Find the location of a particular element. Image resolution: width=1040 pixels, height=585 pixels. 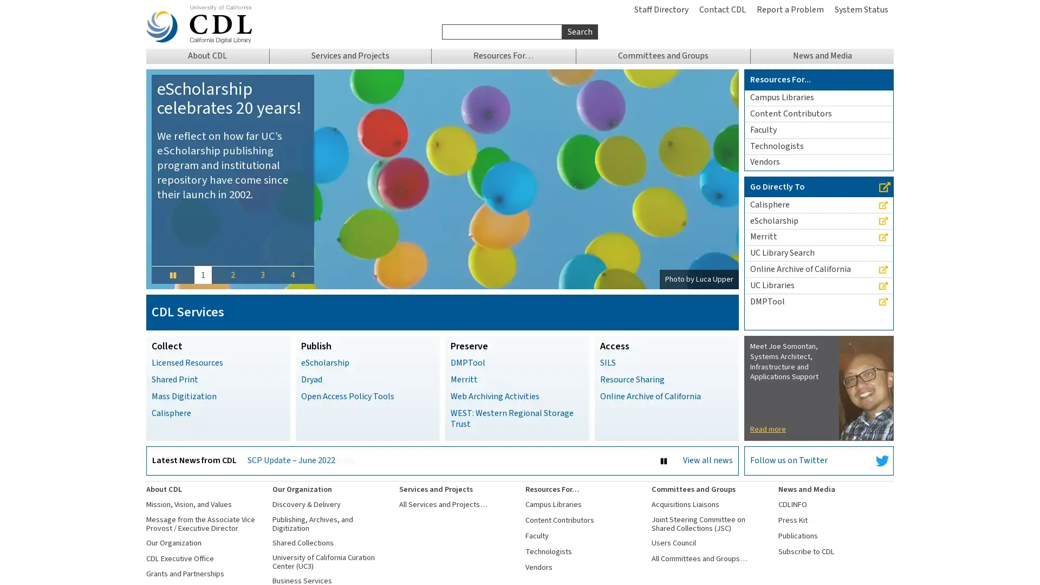

Search is located at coordinates (579, 31).